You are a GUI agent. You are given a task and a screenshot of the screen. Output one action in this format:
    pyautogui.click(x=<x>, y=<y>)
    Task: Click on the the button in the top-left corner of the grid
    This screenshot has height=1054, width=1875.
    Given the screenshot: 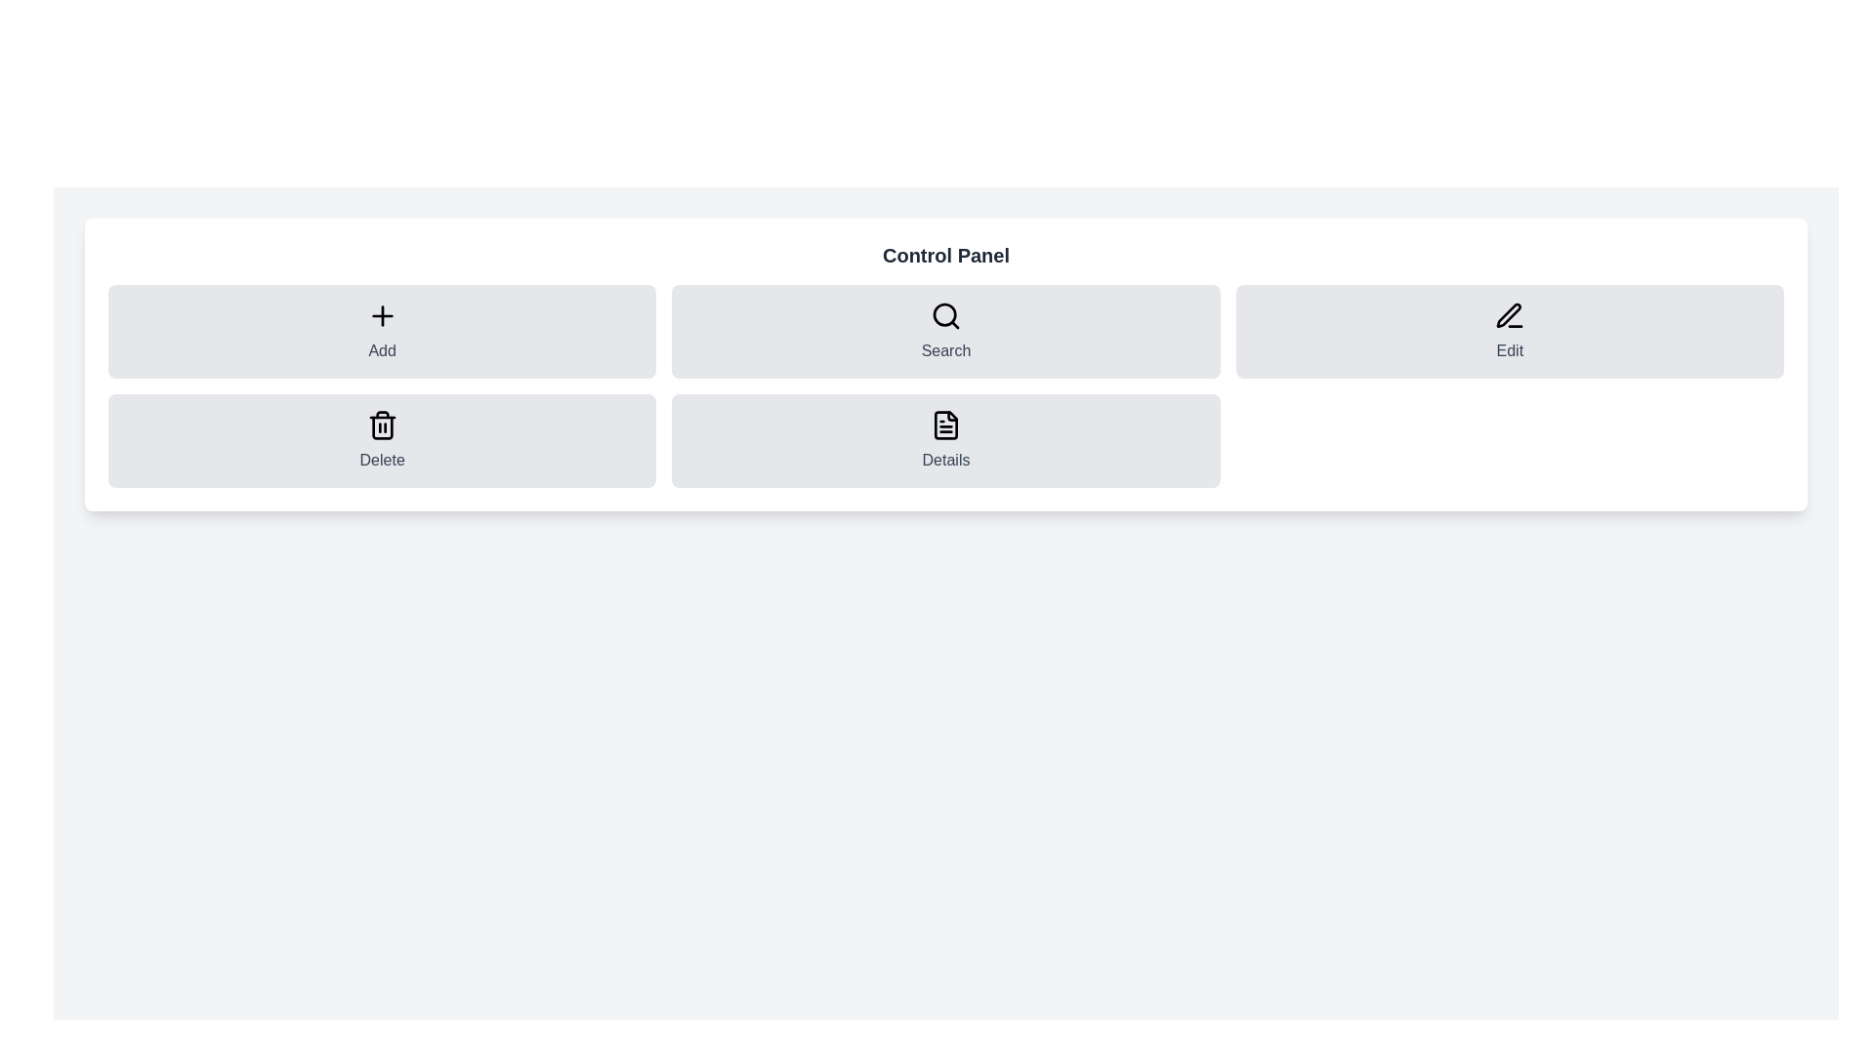 What is the action you would take?
    pyautogui.click(x=382, y=330)
    